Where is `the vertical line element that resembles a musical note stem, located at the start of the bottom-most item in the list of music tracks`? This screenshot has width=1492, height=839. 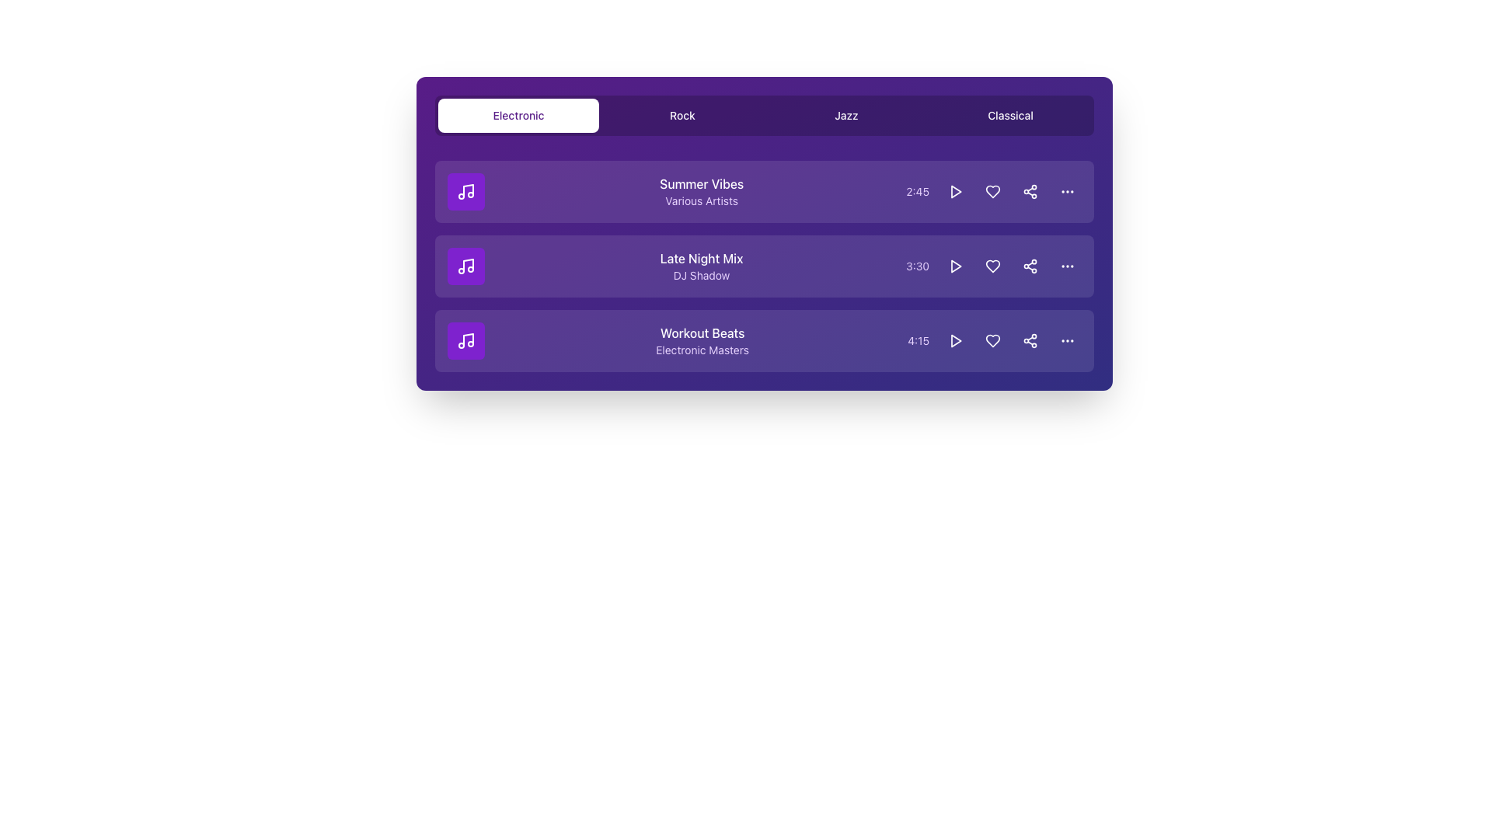 the vertical line element that resembles a musical note stem, located at the start of the bottom-most item in the list of music tracks is located at coordinates (468, 339).